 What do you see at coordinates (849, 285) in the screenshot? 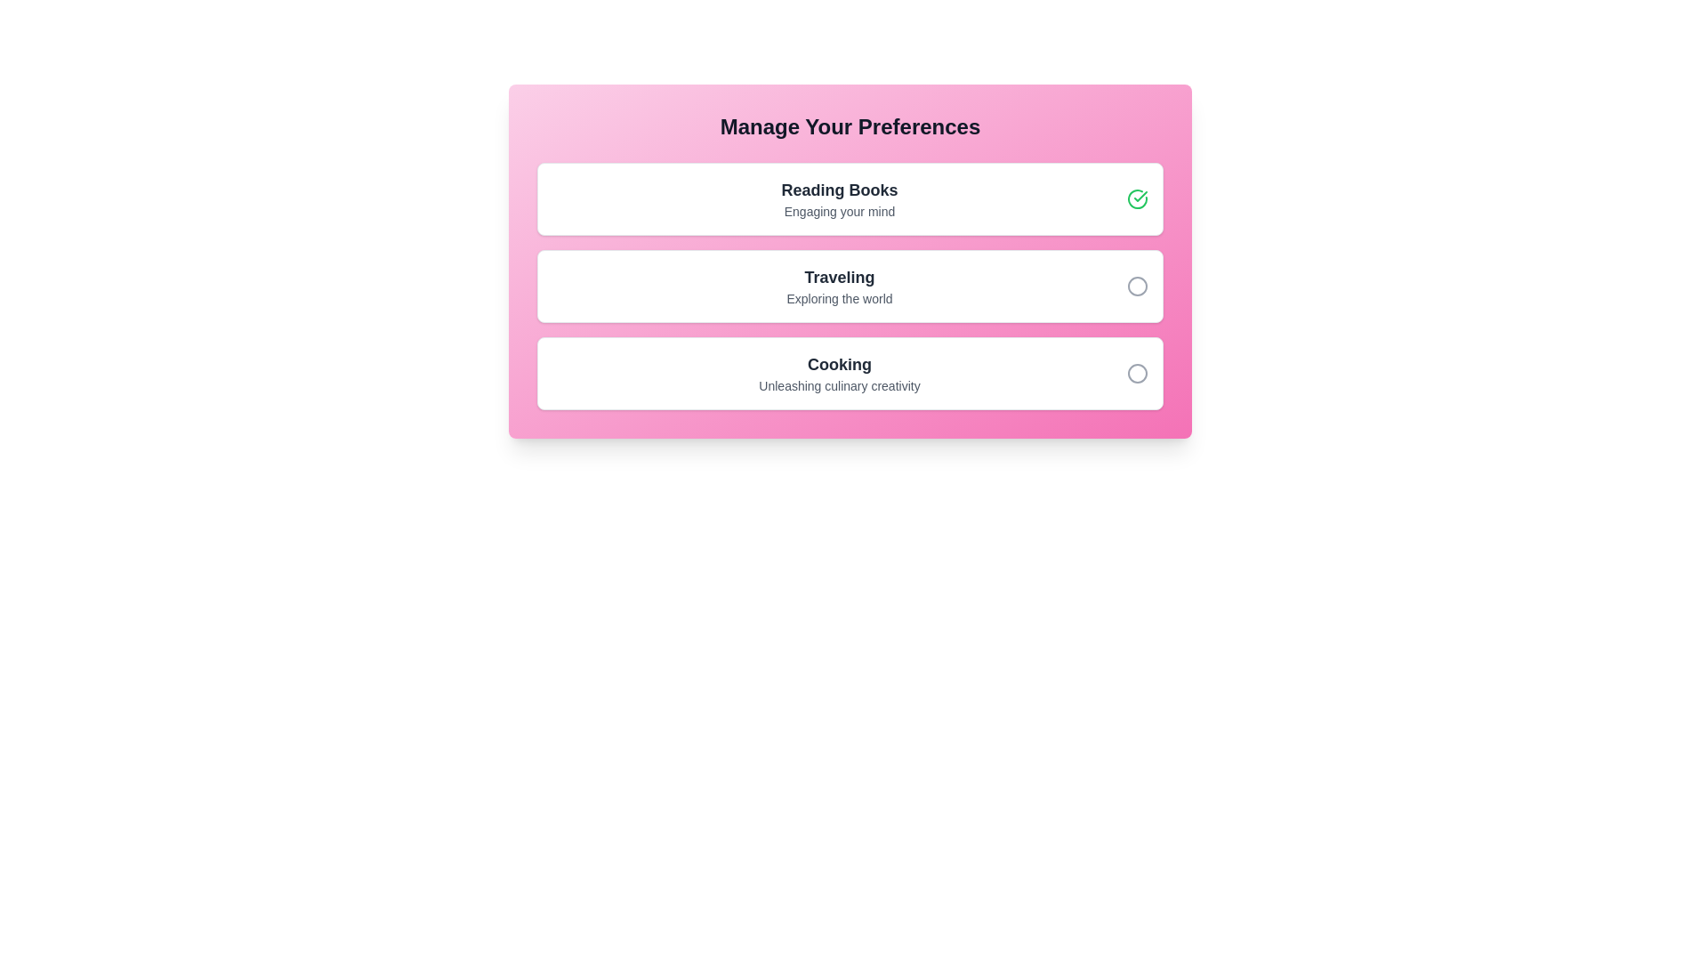
I see `the preference item Traveling` at bounding box center [849, 285].